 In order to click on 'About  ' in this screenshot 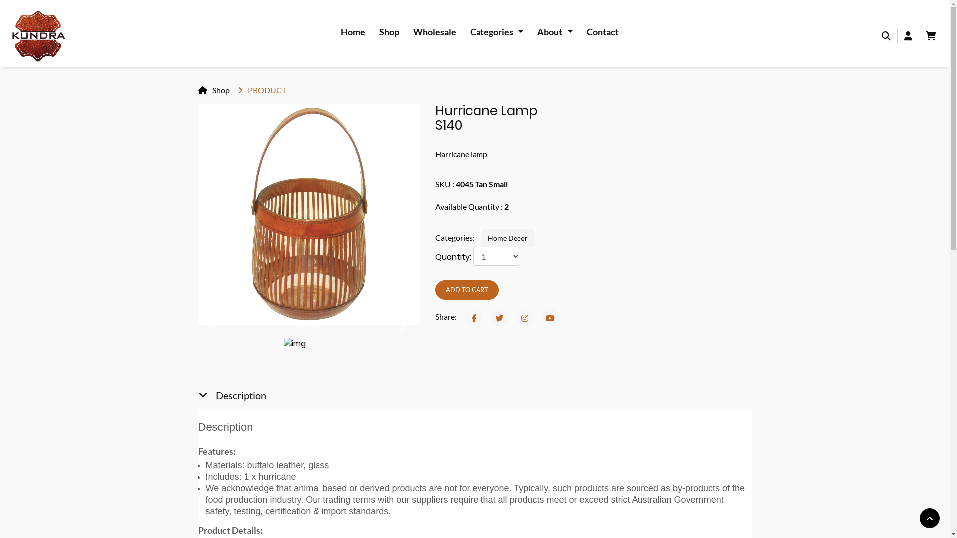, I will do `click(554, 31)`.